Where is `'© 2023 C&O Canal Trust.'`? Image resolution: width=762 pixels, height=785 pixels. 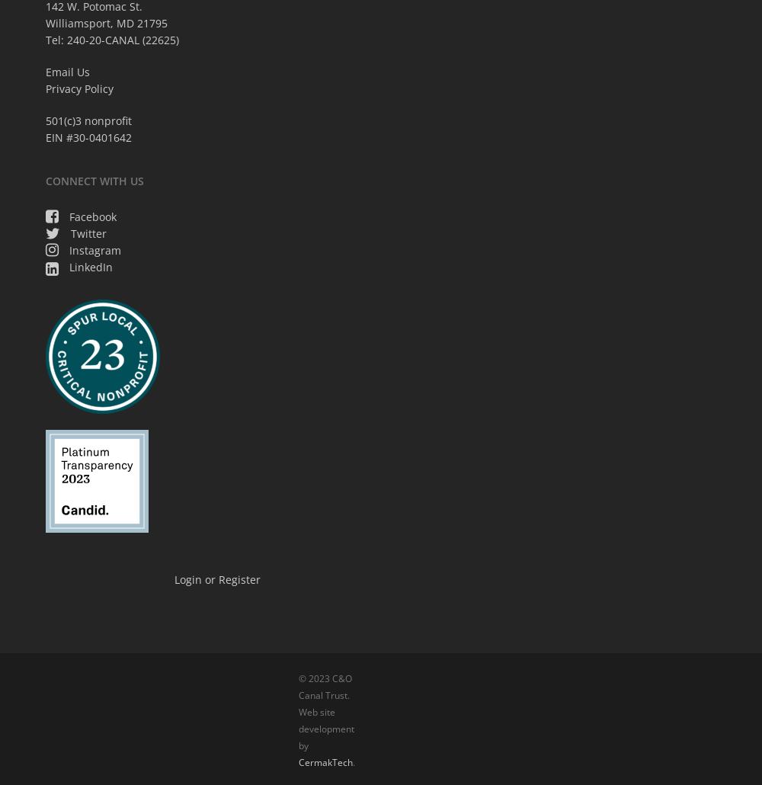 '© 2023 C&O Canal Trust.' is located at coordinates (325, 686).